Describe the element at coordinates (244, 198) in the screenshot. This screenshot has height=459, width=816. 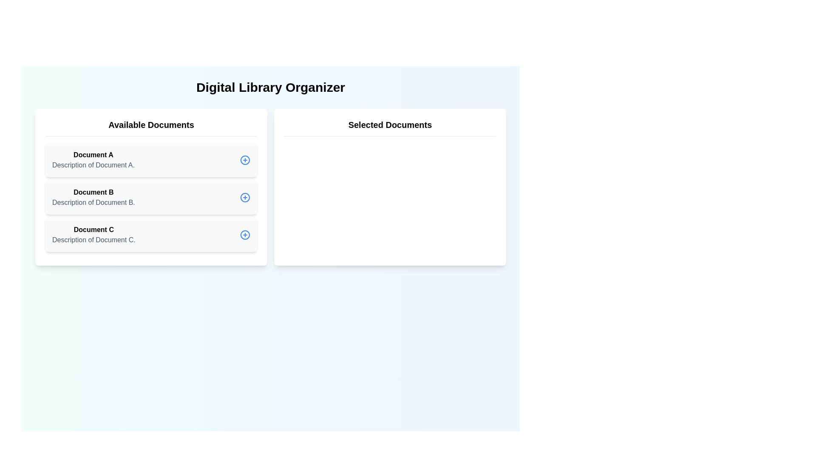
I see `the outer circle of the plus icon next to the 'Document B' item in the 'Available Documents' list of the 'Digital Library Organizer' application` at that location.